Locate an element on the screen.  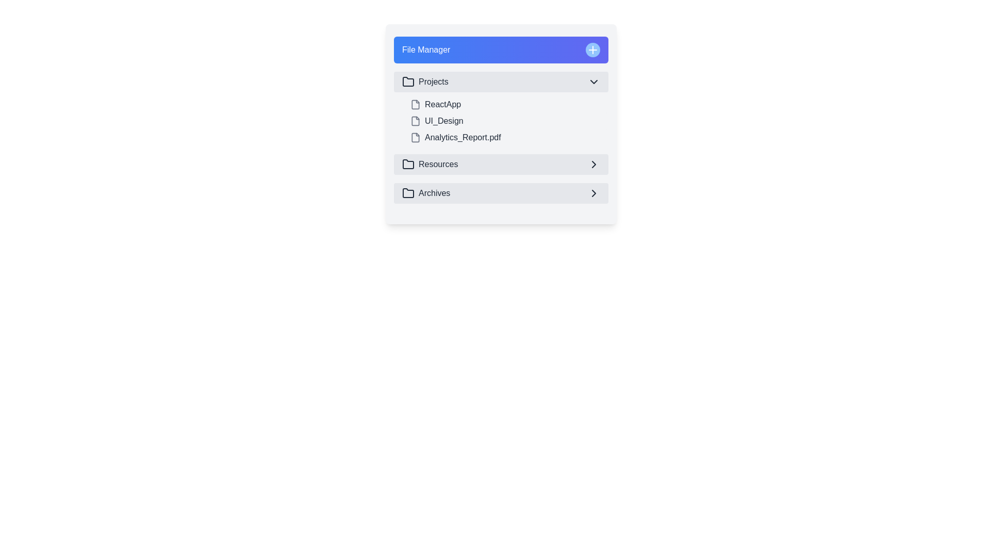
the SVG icon resembling a document, which has a gray outline and is associated with the text label 'UI_Design', located under the 'Projects' section is located at coordinates (416, 121).